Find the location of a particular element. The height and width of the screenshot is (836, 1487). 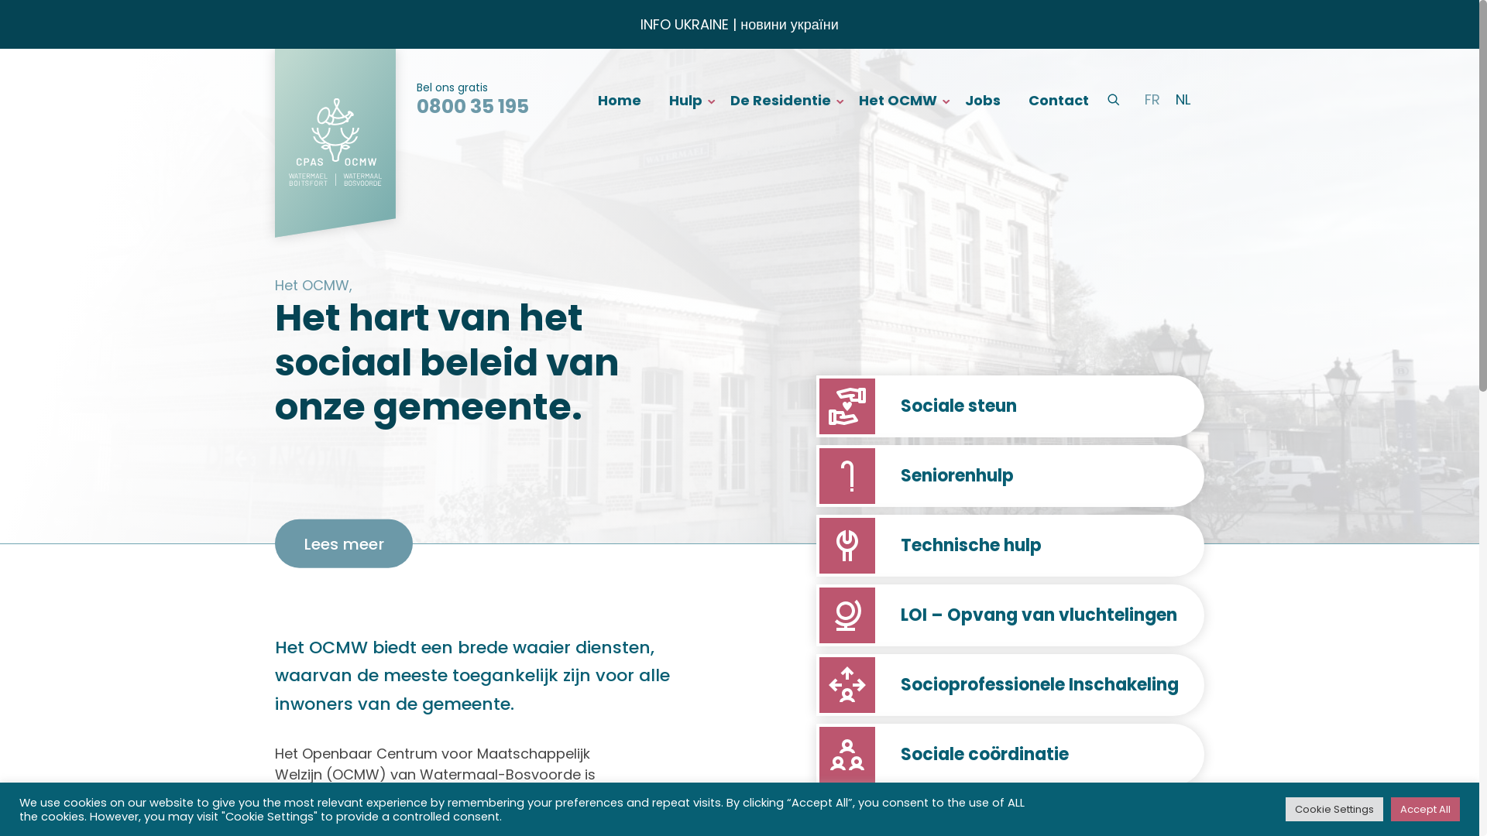

'Cookie Settings' is located at coordinates (1334, 808).